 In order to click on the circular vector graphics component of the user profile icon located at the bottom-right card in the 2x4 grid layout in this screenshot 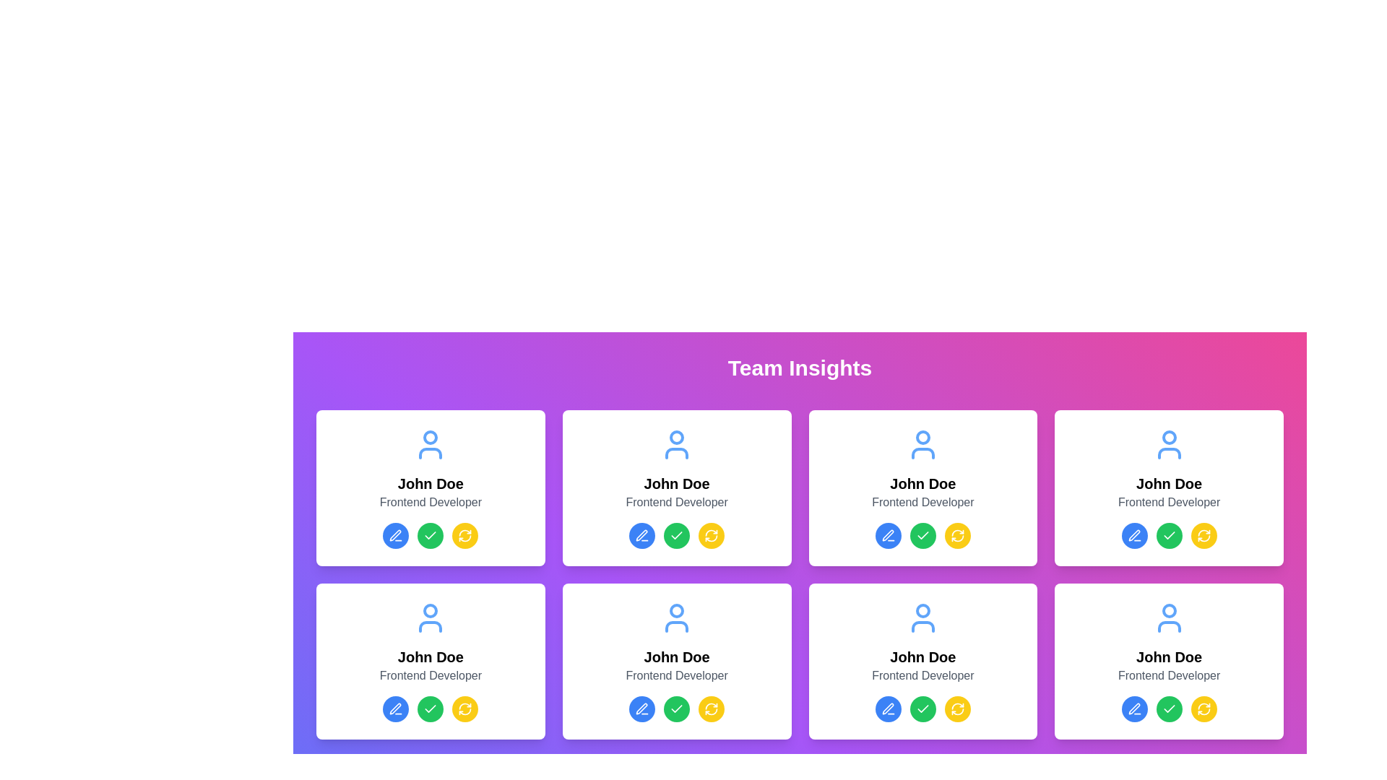, I will do `click(1169, 610)`.